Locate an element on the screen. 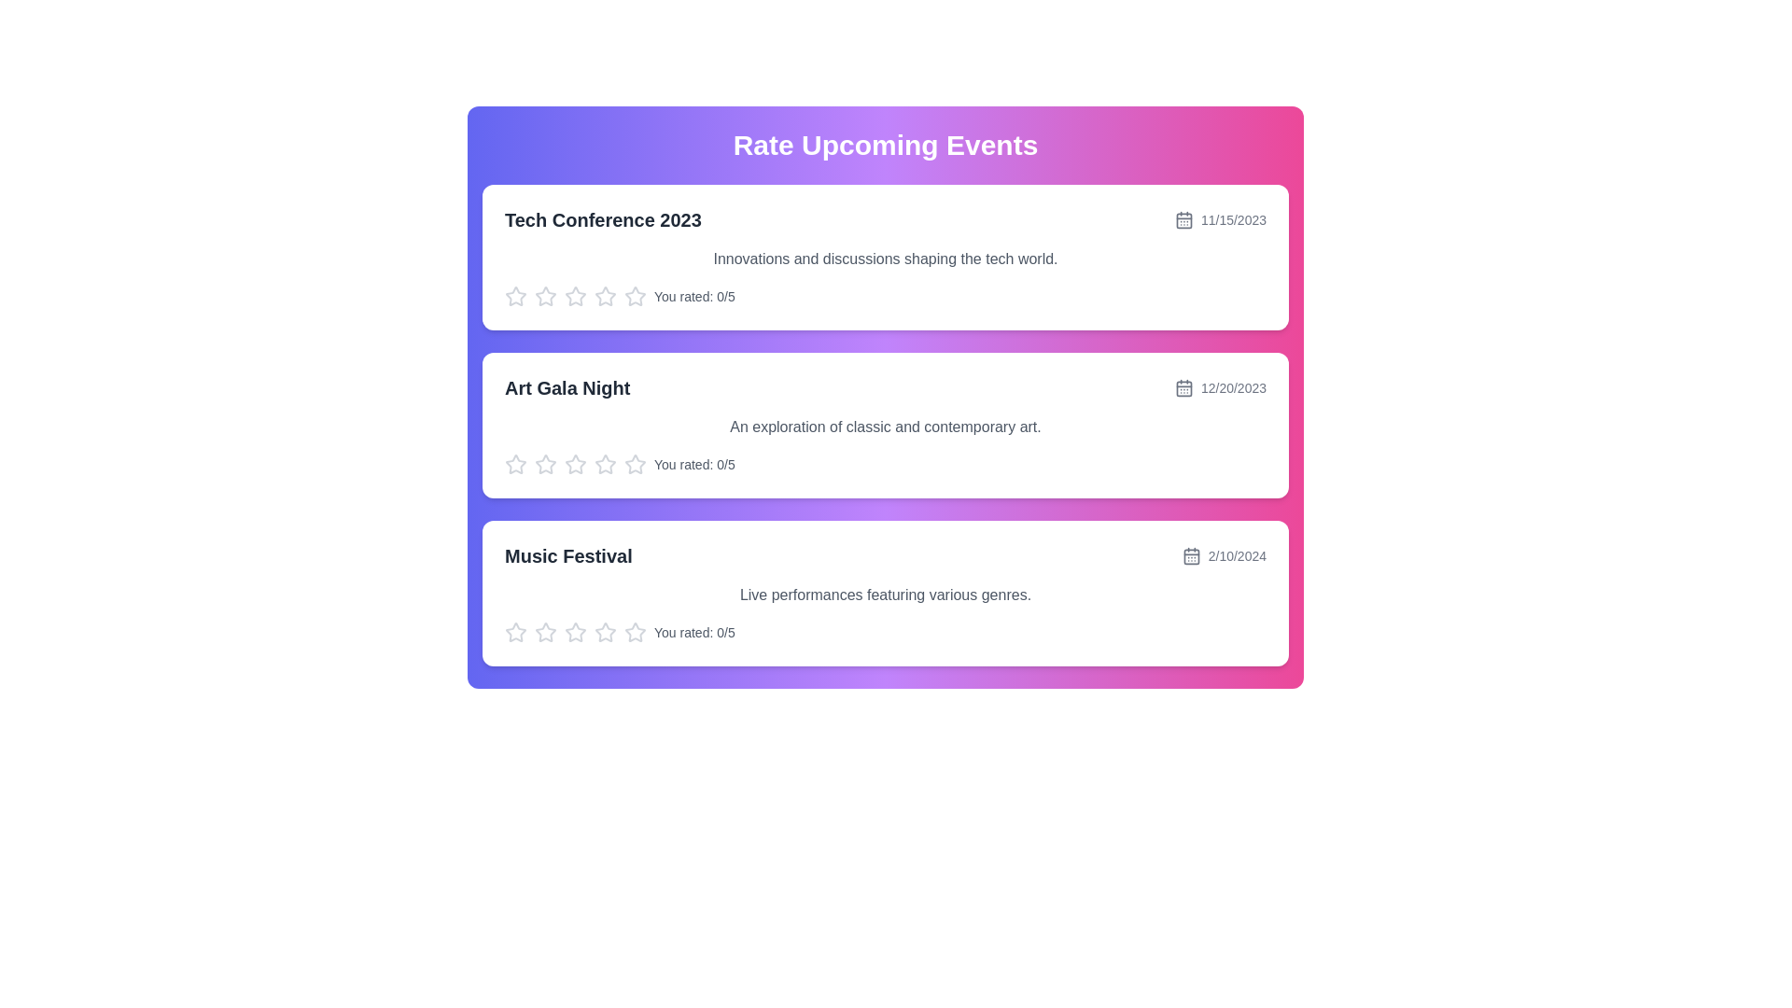  the first star icon in the rating row of the 'Art Gala Night' section is located at coordinates (515, 463).